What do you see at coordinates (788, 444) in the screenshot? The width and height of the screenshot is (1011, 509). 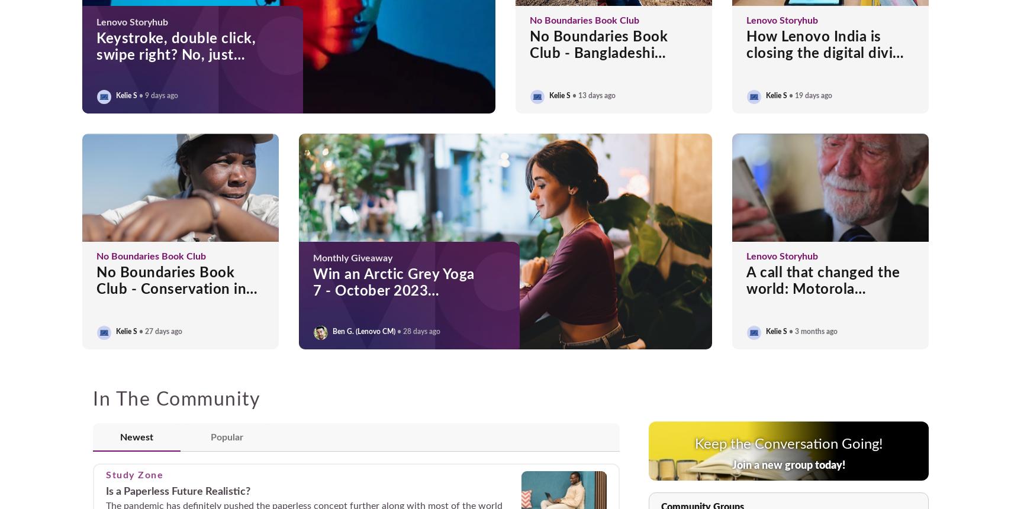 I see `'Keep the Conversation Going!'` at bounding box center [788, 444].